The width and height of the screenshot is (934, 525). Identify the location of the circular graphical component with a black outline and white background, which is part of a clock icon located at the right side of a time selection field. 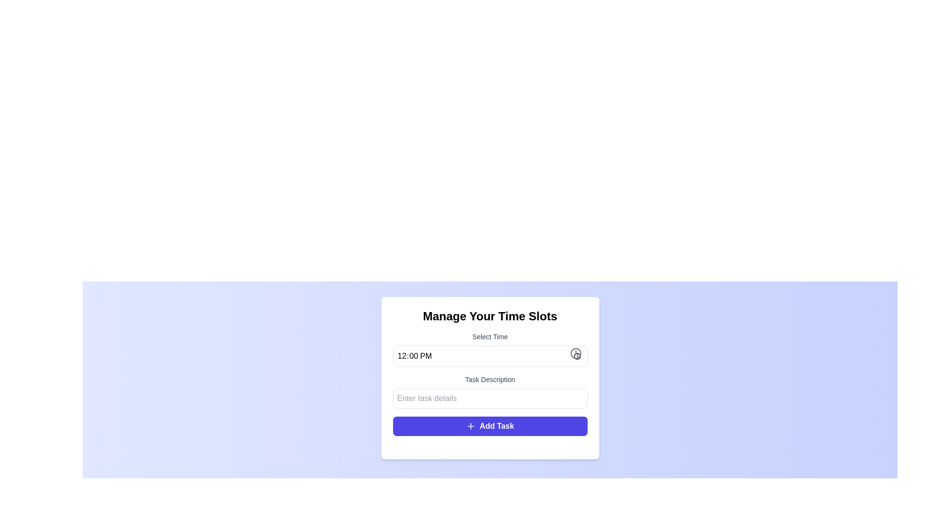
(575, 353).